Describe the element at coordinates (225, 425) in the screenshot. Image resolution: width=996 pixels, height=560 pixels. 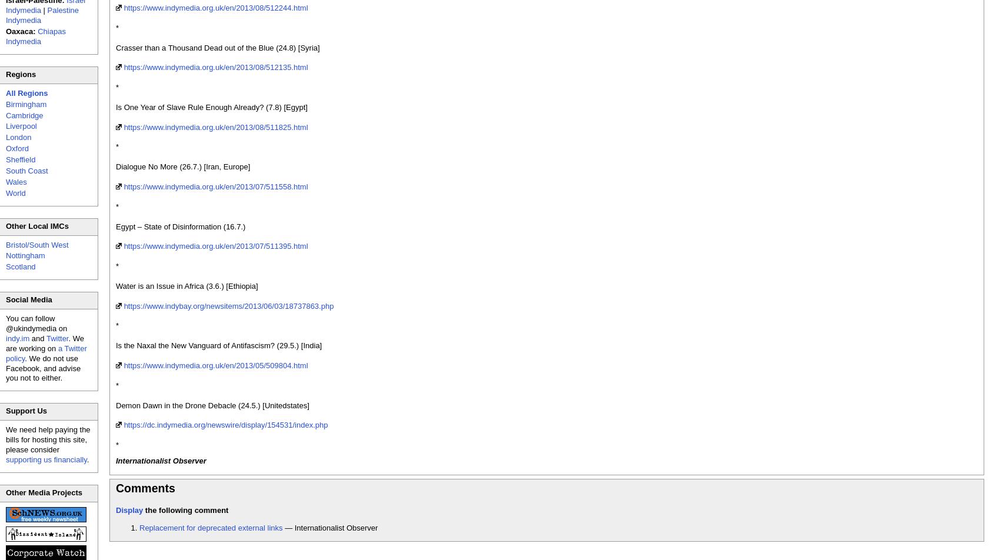
I see `'https://dc.indymedia.org/newswire/display/154531/index.php'` at that location.